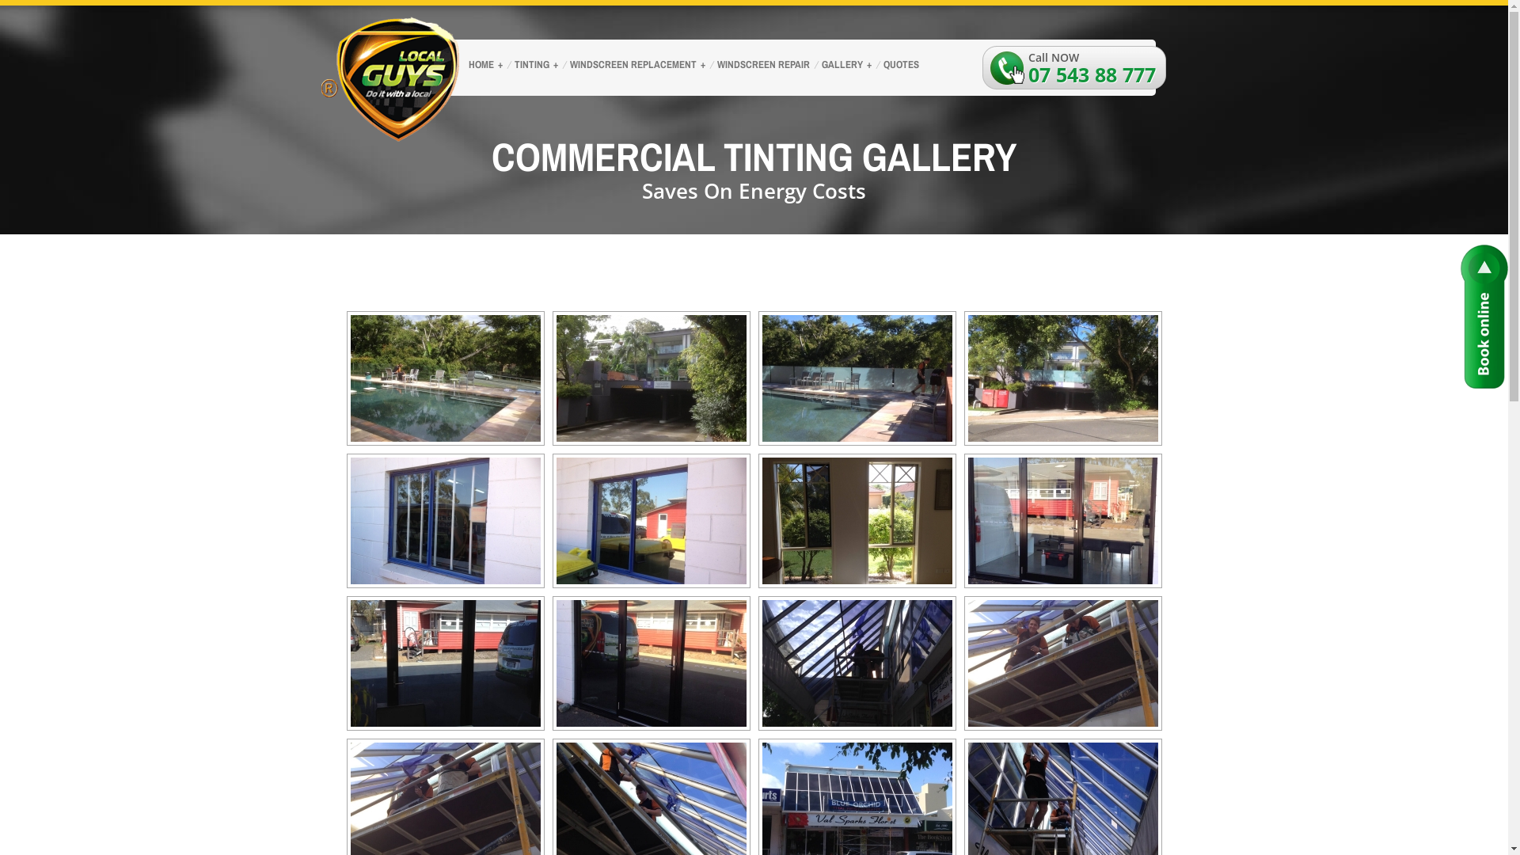  I want to click on 'AFTER Pool Fence Frosted for Privacy', so click(967, 378).